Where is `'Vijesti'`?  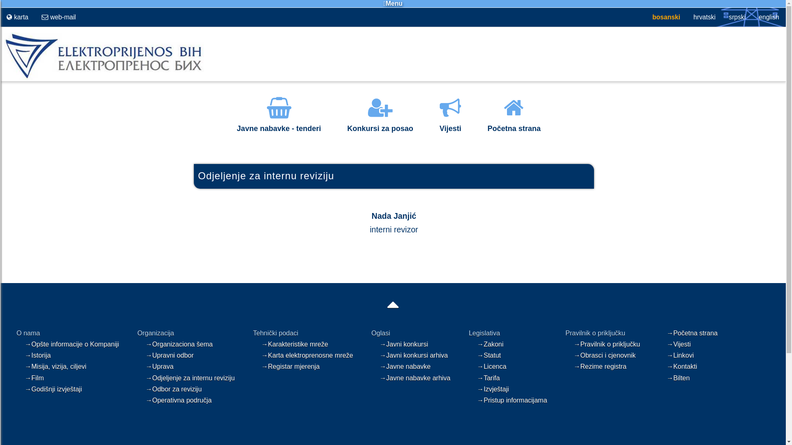 'Vijesti' is located at coordinates (450, 122).